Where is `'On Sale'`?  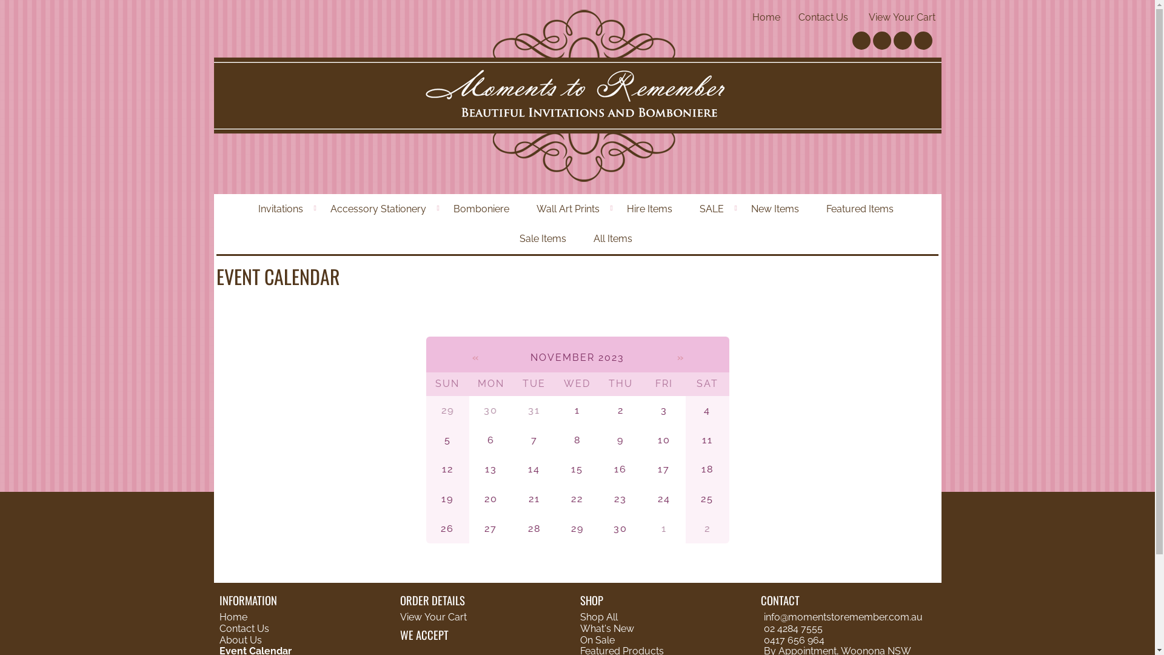 'On Sale' is located at coordinates (597, 639).